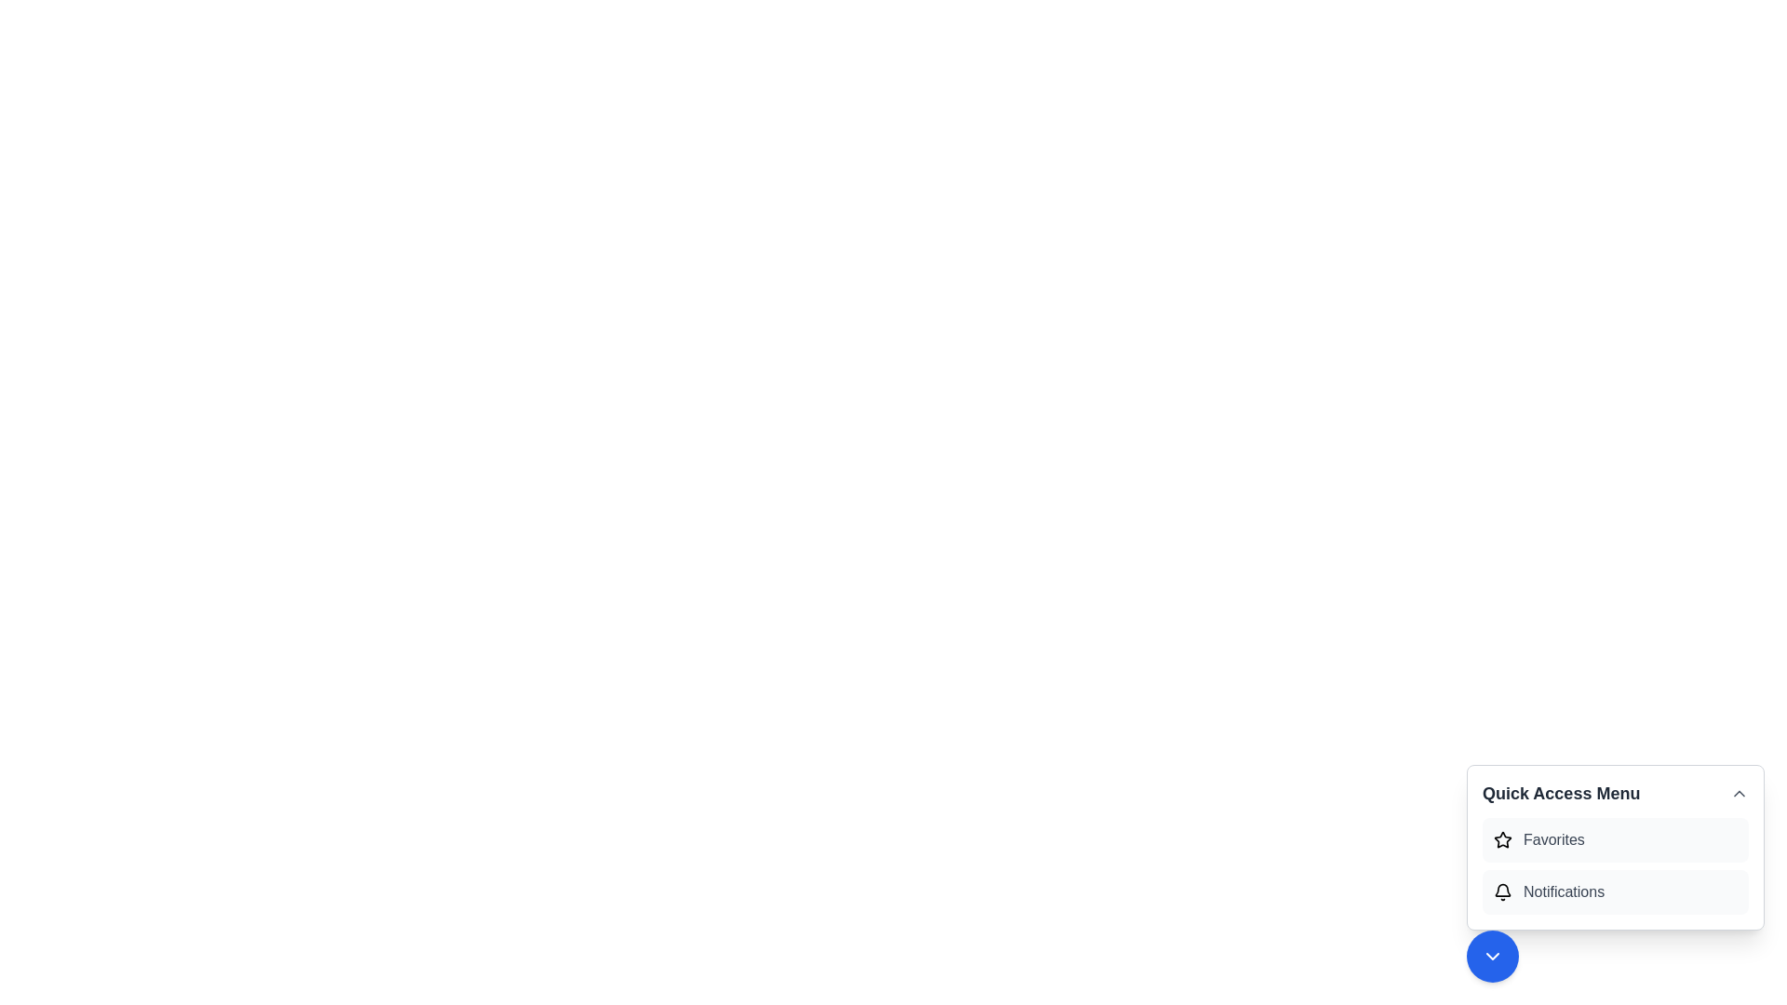 This screenshot has width=1787, height=1005. Describe the element at coordinates (1615, 793) in the screenshot. I see `the 'Quick Access Menu' dropdown header` at that location.